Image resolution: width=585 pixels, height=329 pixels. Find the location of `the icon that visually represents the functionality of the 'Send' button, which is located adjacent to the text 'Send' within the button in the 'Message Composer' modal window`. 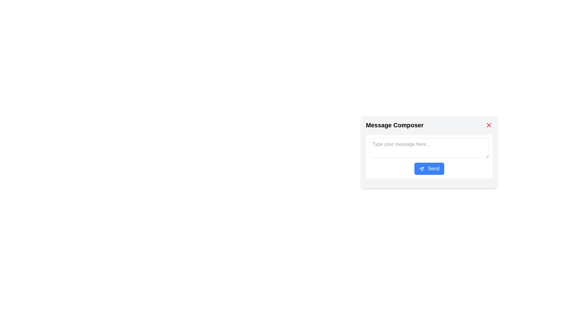

the icon that visually represents the functionality of the 'Send' button, which is located adjacent to the text 'Send' within the button in the 'Message Composer' modal window is located at coordinates (421, 169).